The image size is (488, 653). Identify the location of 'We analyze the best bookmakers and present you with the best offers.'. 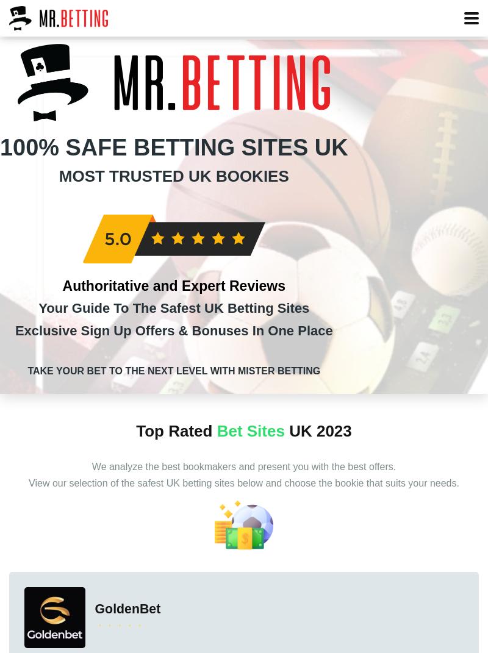
(243, 466).